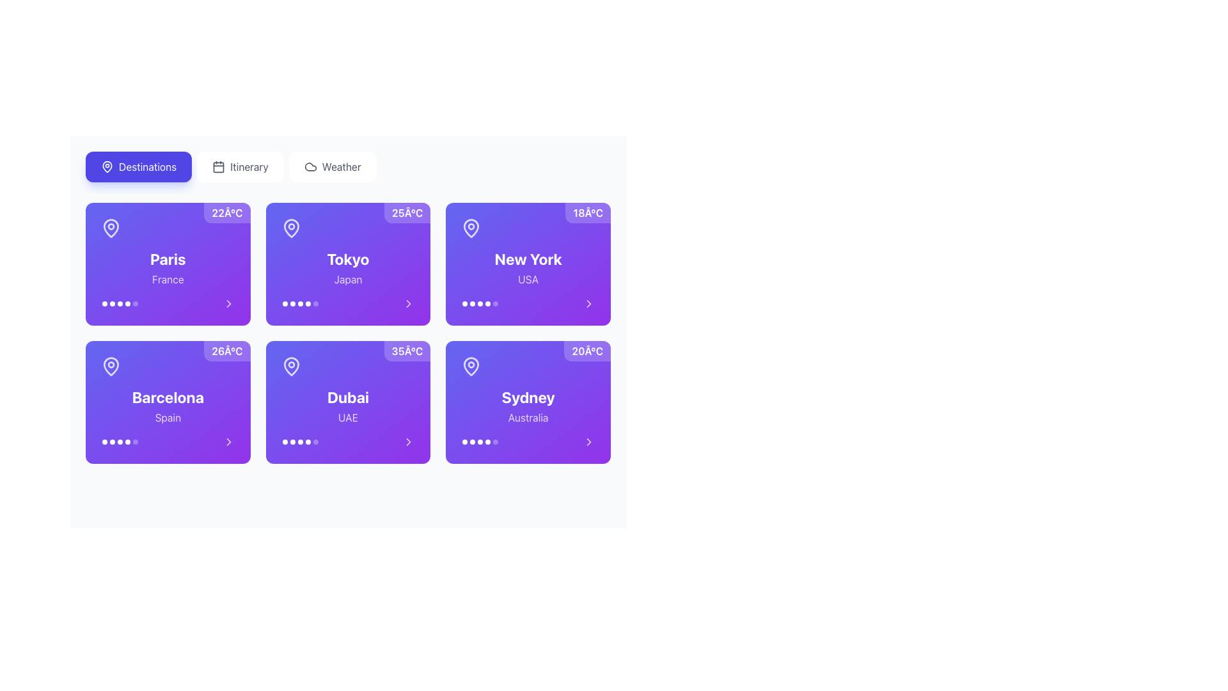  What do you see at coordinates (471, 228) in the screenshot?
I see `the map pin icon located in the top-left region of the 'New York' card, which is the third card in the first row, near the title 'New York'` at bounding box center [471, 228].